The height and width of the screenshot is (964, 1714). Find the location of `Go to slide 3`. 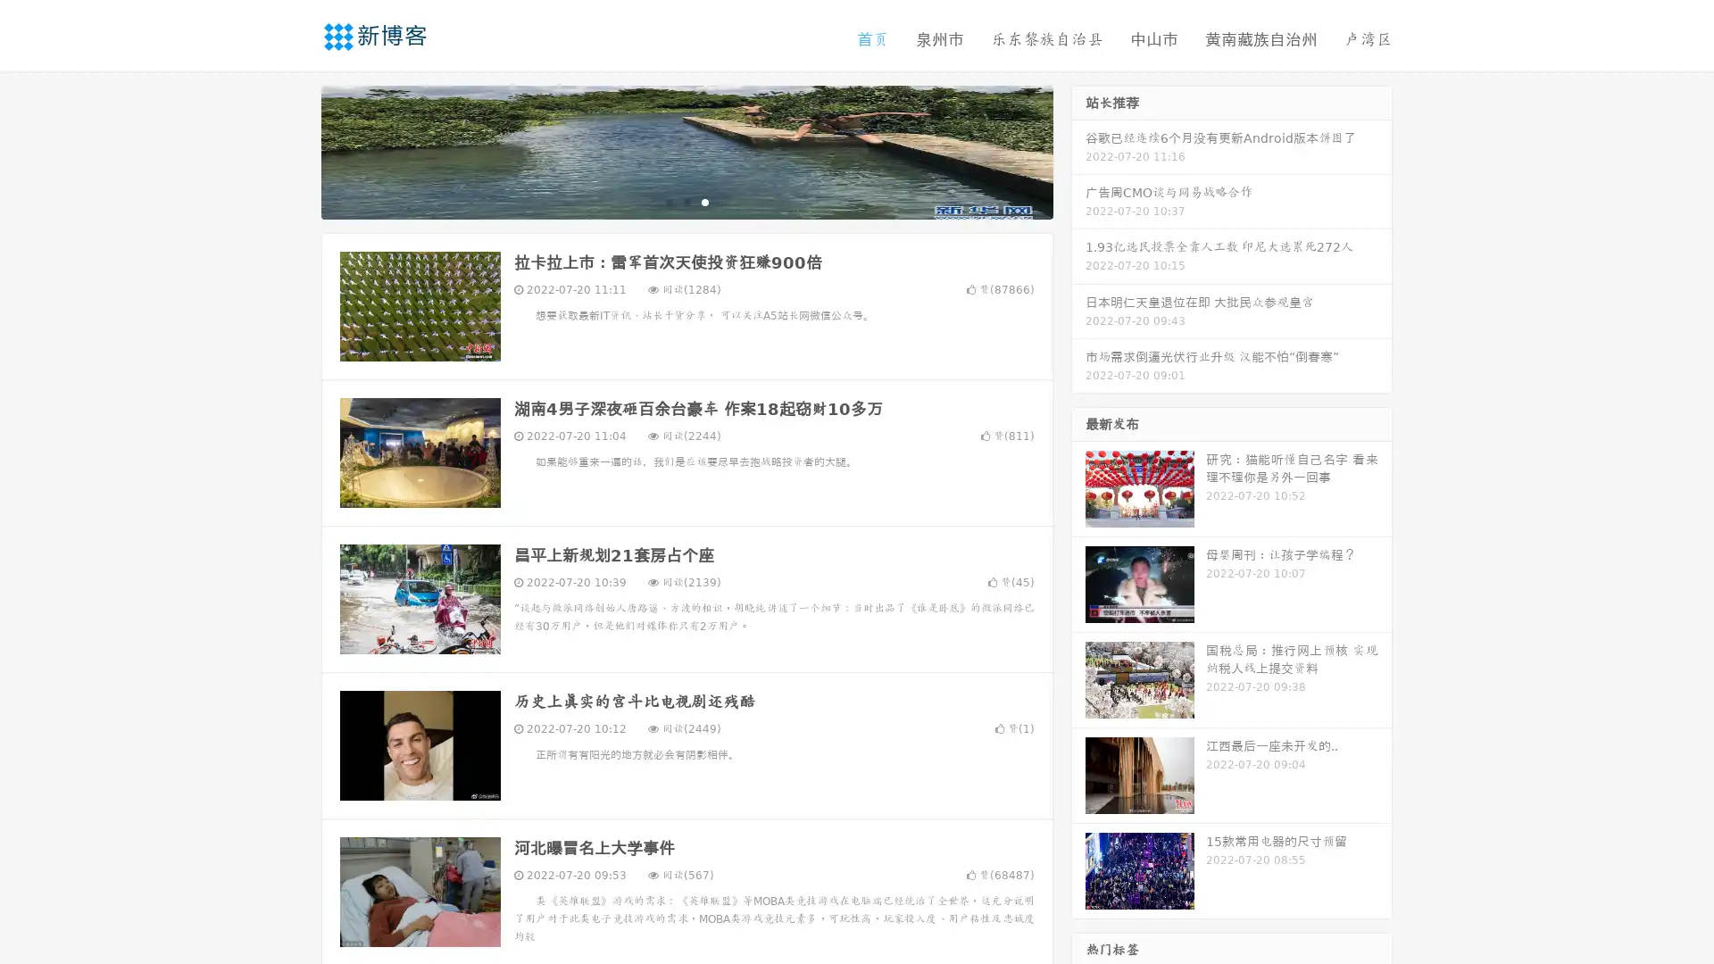

Go to slide 3 is located at coordinates (704, 201).